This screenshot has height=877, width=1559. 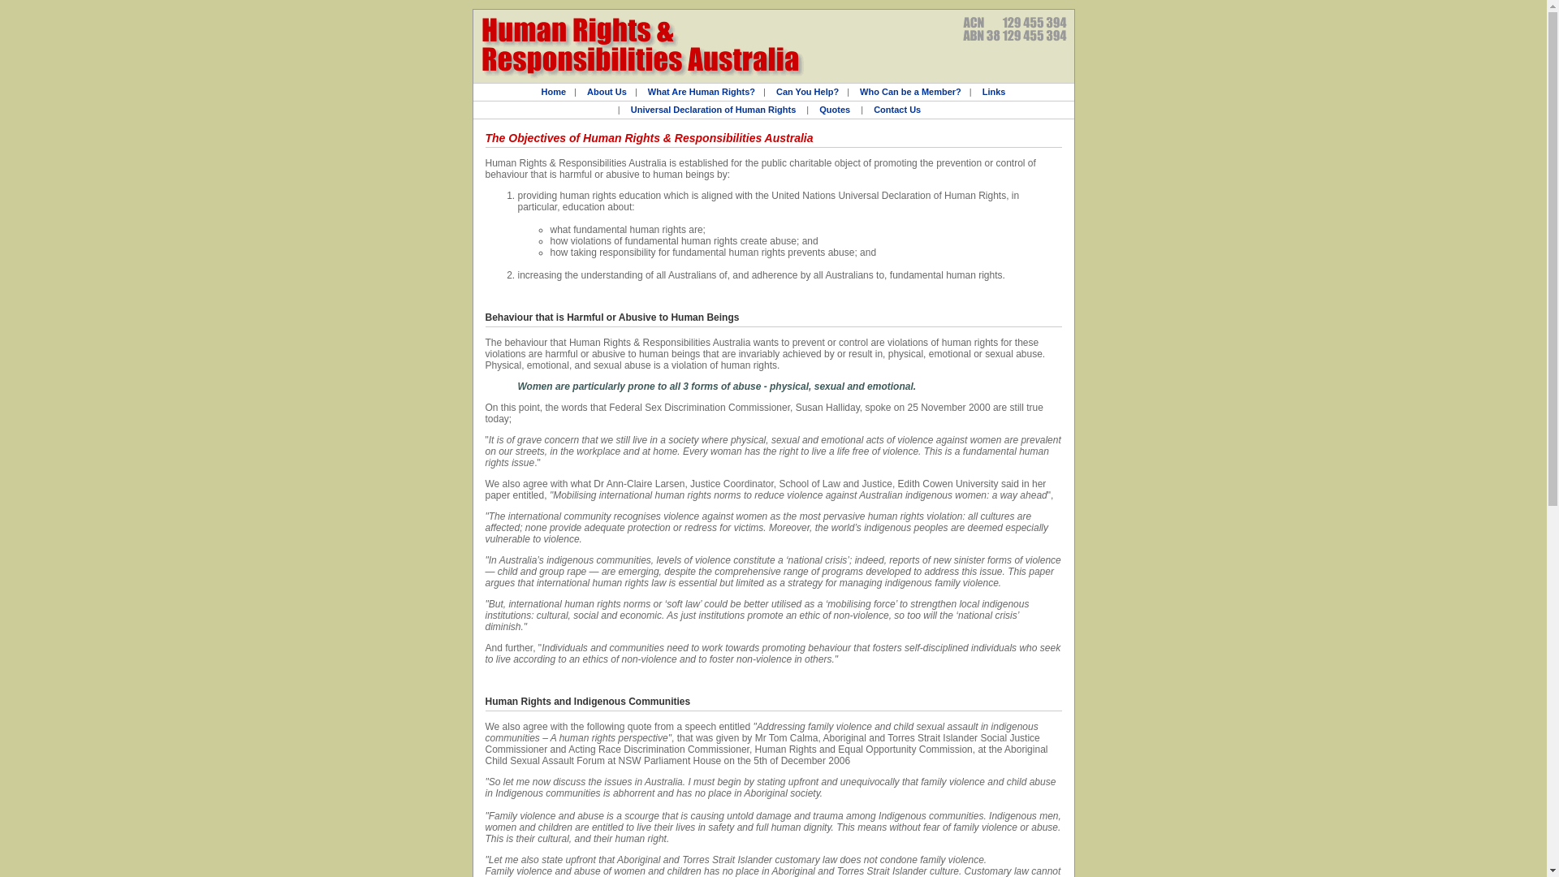 What do you see at coordinates (910, 91) in the screenshot?
I see `'Who Can be a Member?'` at bounding box center [910, 91].